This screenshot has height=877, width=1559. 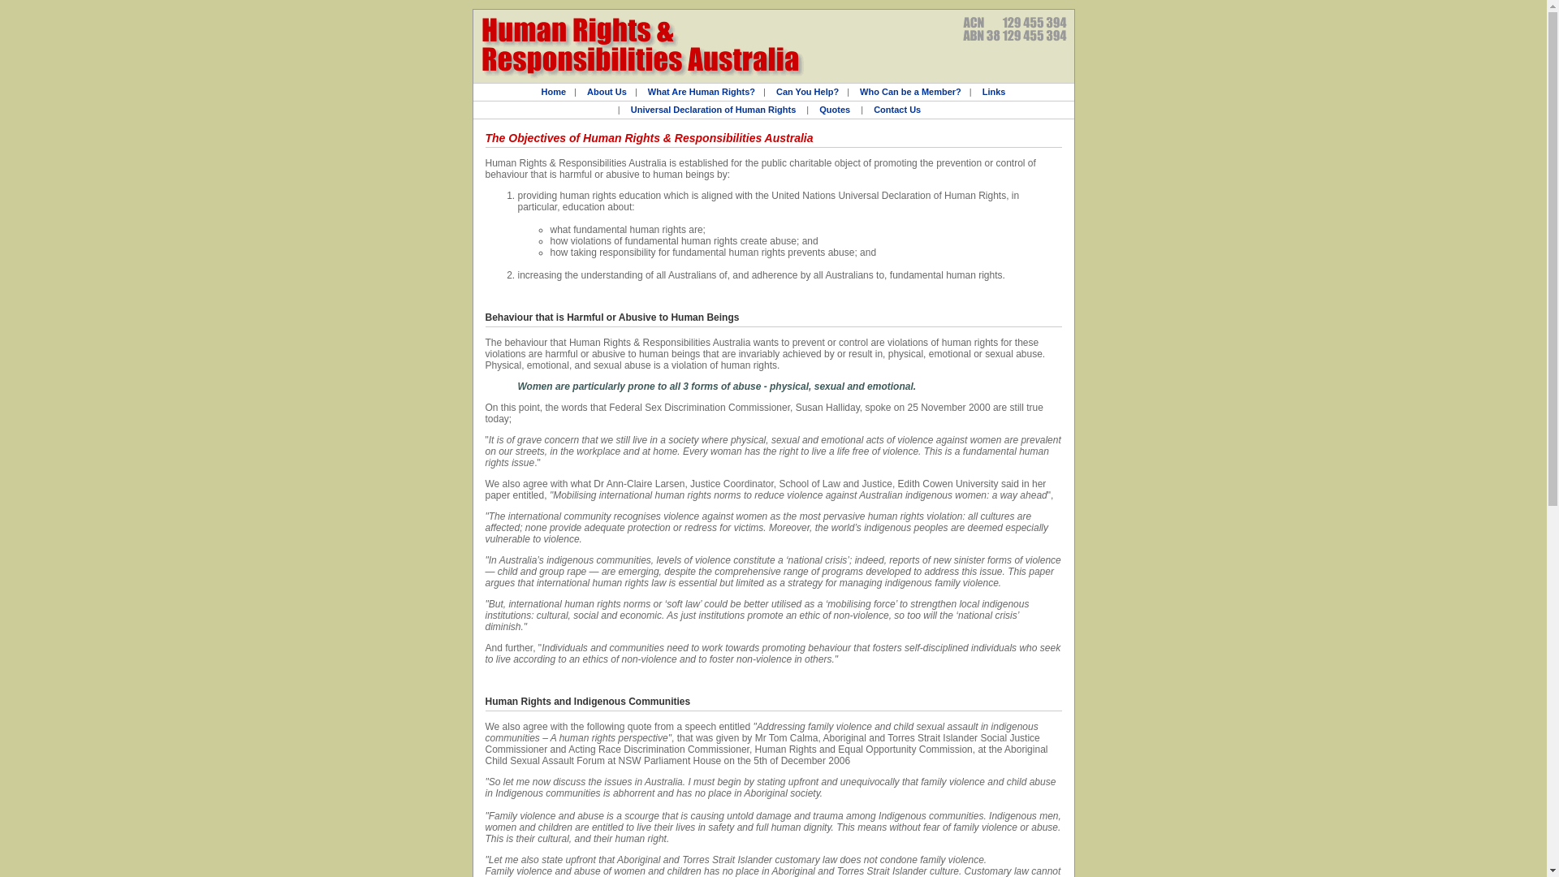 What do you see at coordinates (910, 91) in the screenshot?
I see `'Who Can be a Member?'` at bounding box center [910, 91].